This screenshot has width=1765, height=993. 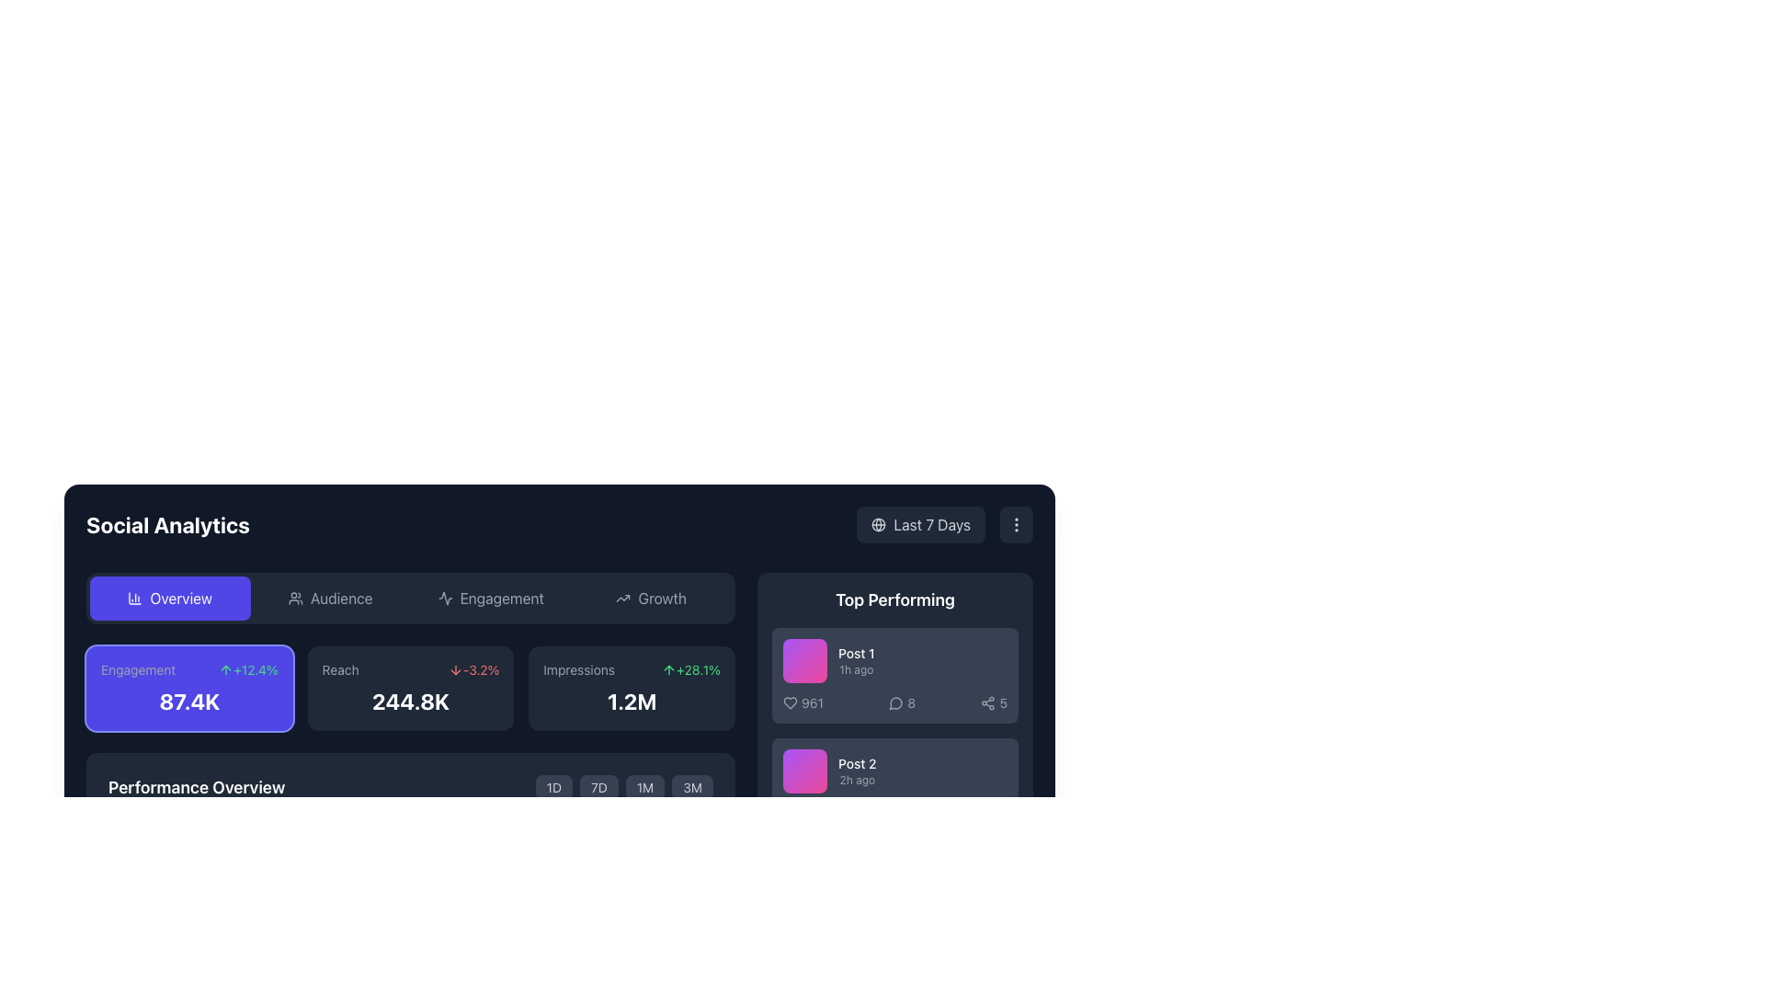 I want to click on the 'Audience' button, which is the second button in a navigation row, to potentially trigger a tooltip or visual effect, so click(x=330, y=599).